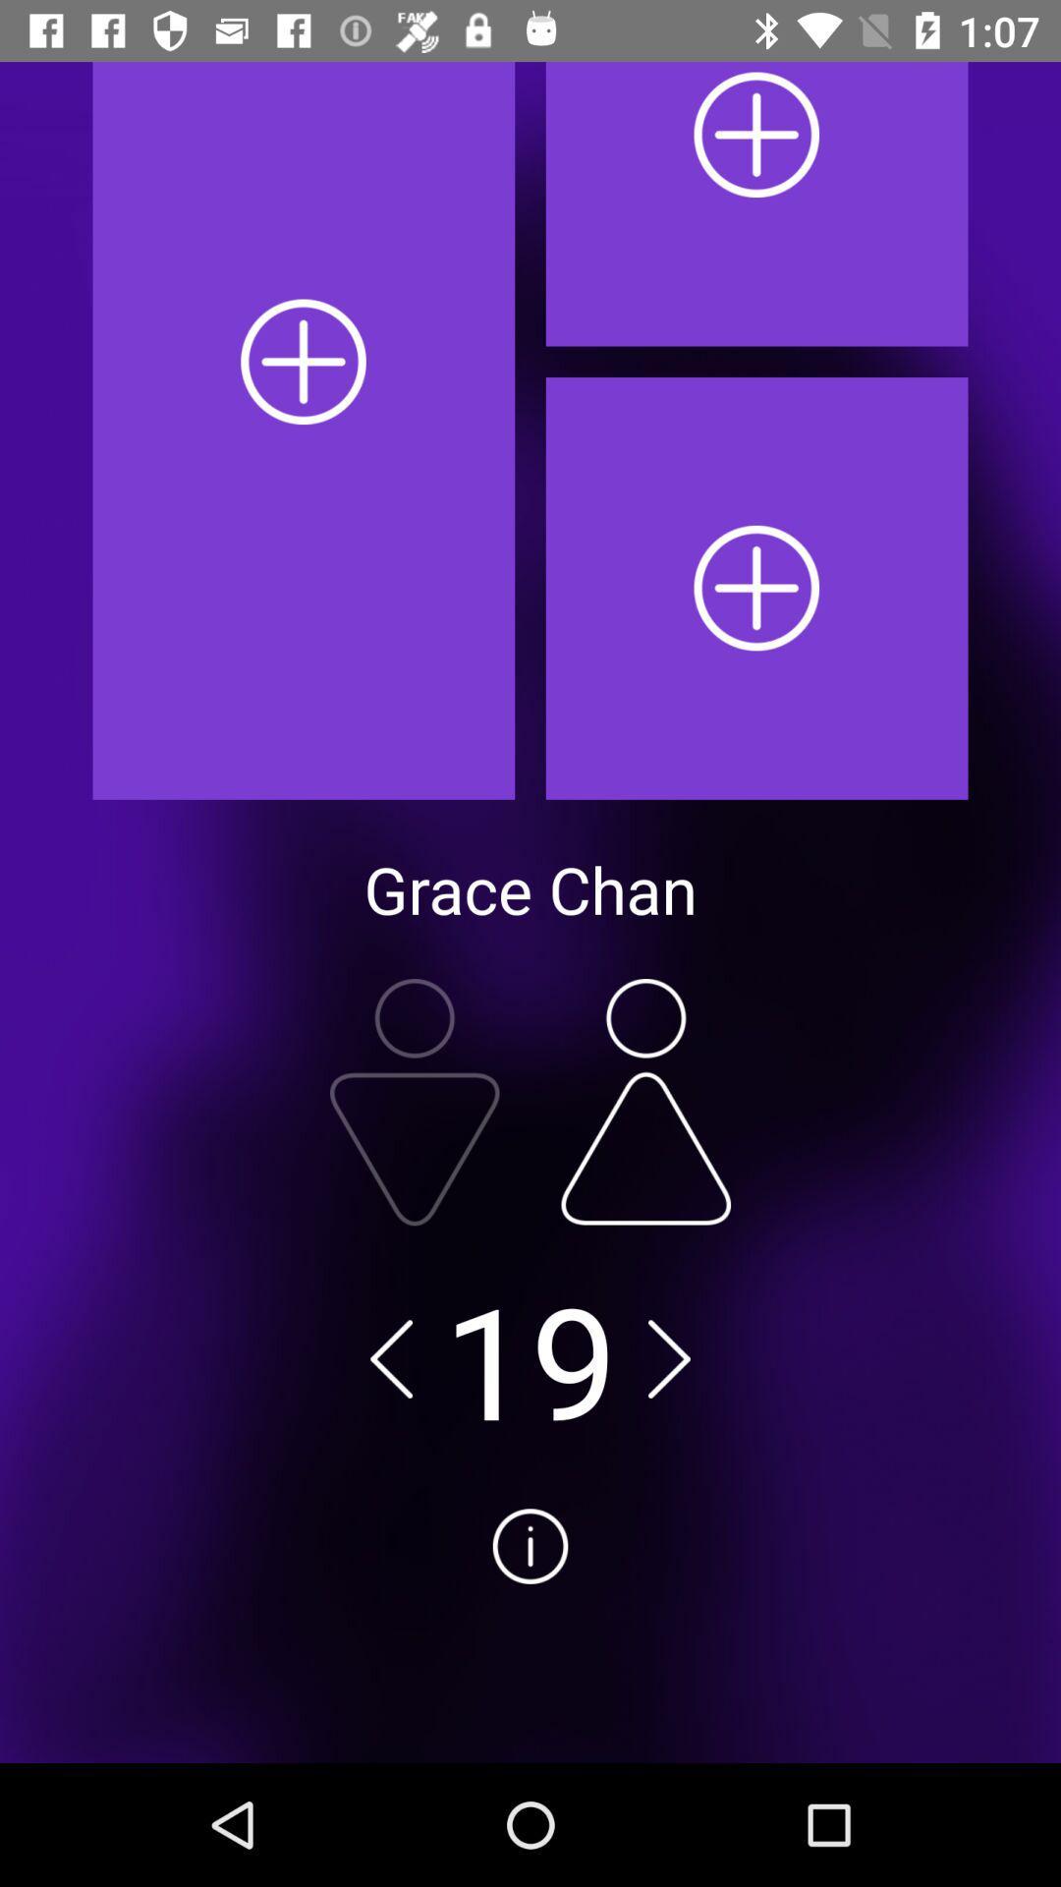 This screenshot has height=1887, width=1061. Describe the element at coordinates (414, 1102) in the screenshot. I see `photo edit app` at that location.